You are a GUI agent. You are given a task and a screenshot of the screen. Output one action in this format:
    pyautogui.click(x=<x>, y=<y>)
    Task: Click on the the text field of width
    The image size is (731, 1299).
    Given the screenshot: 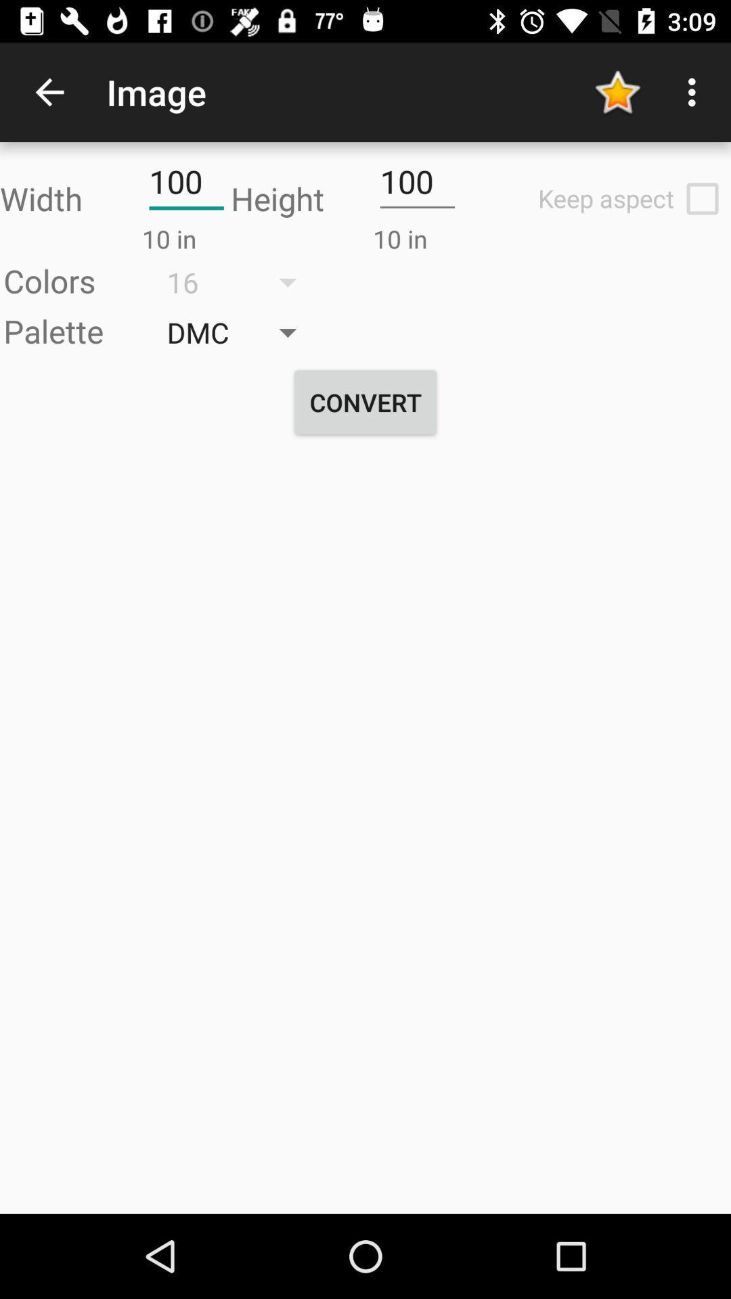 What is the action you would take?
    pyautogui.click(x=186, y=181)
    